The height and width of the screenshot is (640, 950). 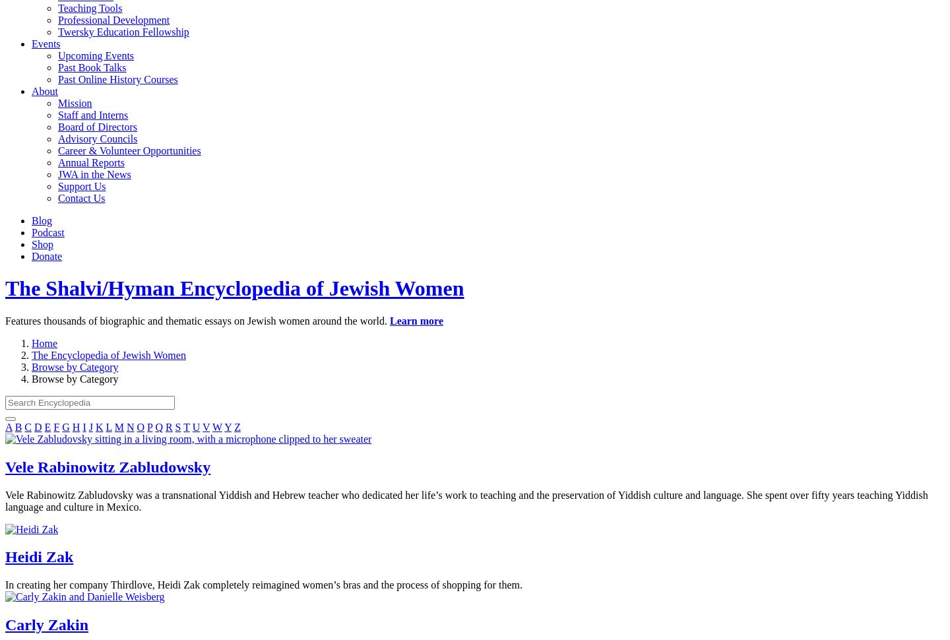 What do you see at coordinates (168, 426) in the screenshot?
I see `'R'` at bounding box center [168, 426].